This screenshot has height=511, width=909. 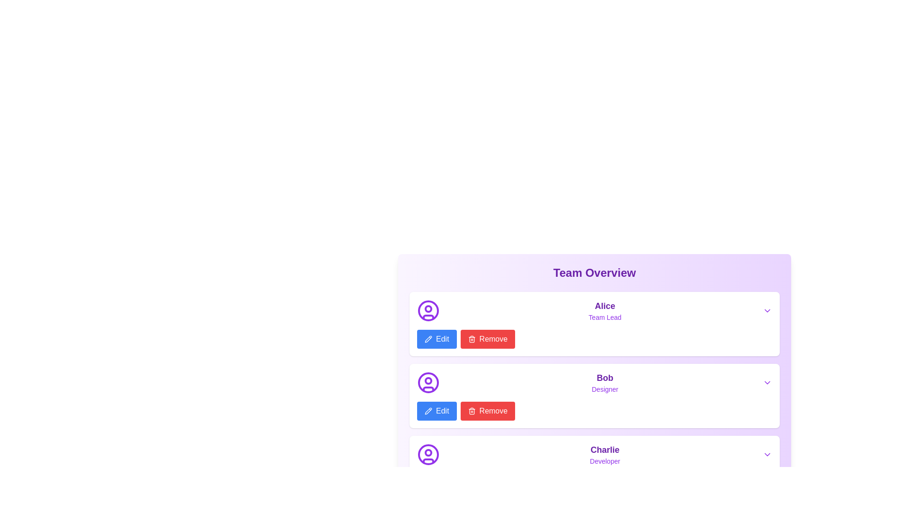 What do you see at coordinates (488, 339) in the screenshot?
I see `the 'Remove' button, a red rectangular button with rounded corners, located` at bounding box center [488, 339].